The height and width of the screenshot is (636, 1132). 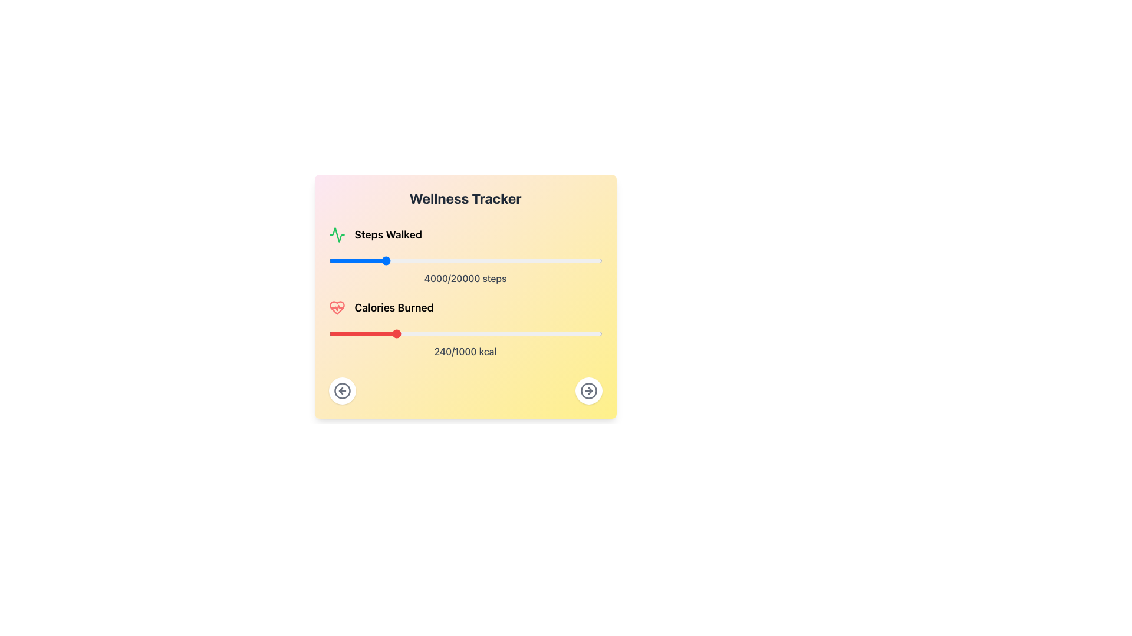 What do you see at coordinates (400, 260) in the screenshot?
I see `the steps walked` at bounding box center [400, 260].